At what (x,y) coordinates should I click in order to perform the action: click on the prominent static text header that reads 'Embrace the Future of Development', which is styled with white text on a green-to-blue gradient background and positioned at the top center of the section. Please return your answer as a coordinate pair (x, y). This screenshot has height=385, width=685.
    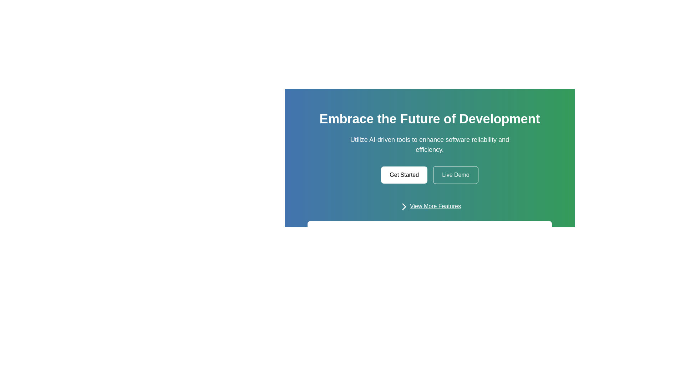
    Looking at the image, I should click on (429, 119).